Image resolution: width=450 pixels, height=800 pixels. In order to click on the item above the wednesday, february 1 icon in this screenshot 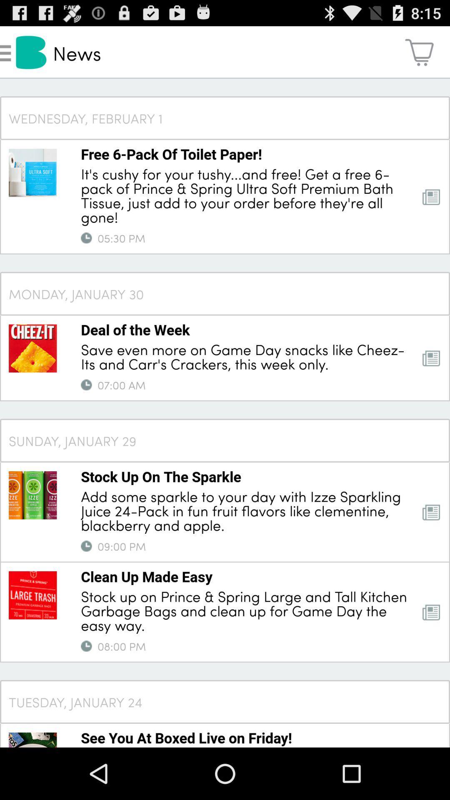, I will do `click(419, 52)`.